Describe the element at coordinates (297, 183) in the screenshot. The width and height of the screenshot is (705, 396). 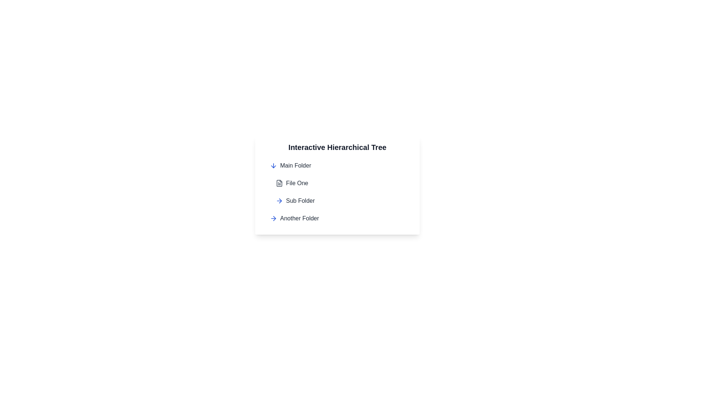
I see `text of the 'File One' label, which is styled in gray font and is positioned second from the top in a hierarchical tree structure under 'Main Folder'` at that location.